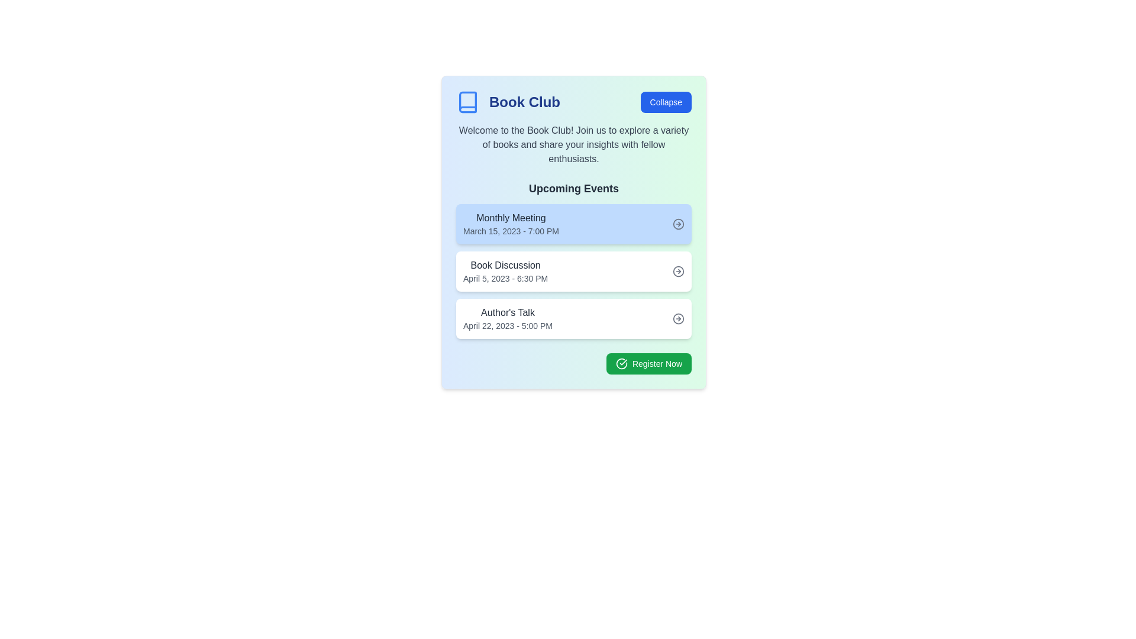  I want to click on the Text Label displaying 'April 22, 2023 - 5:00 PM', which is located below 'Author's Talk' in the third event card of the 'Upcoming Events' section, so click(508, 326).